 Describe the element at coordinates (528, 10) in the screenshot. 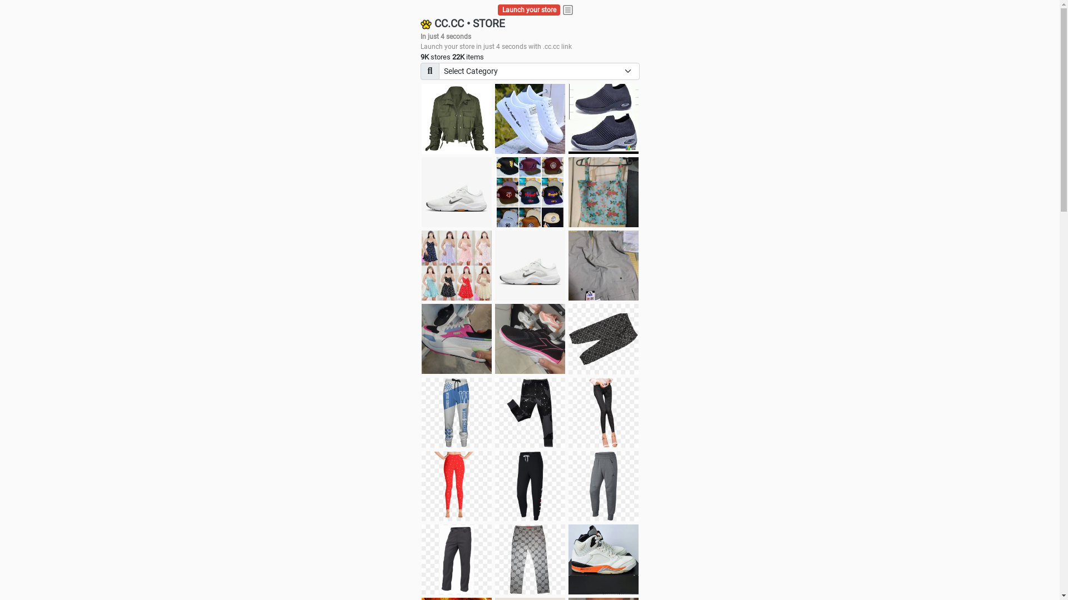

I see `'Launch your store'` at that location.